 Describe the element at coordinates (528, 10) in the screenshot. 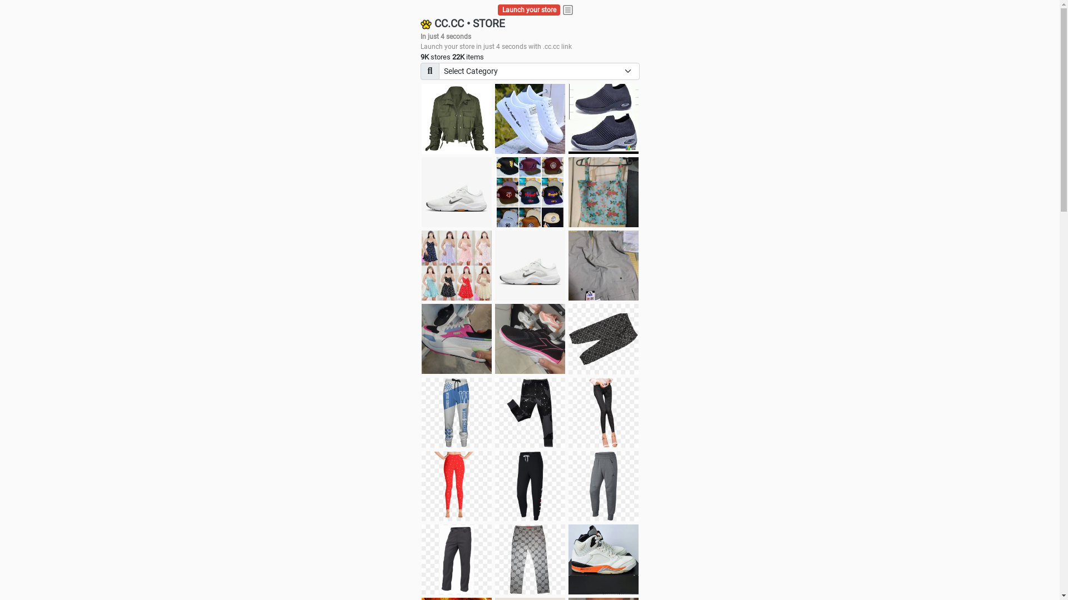

I see `'Launch your store'` at that location.